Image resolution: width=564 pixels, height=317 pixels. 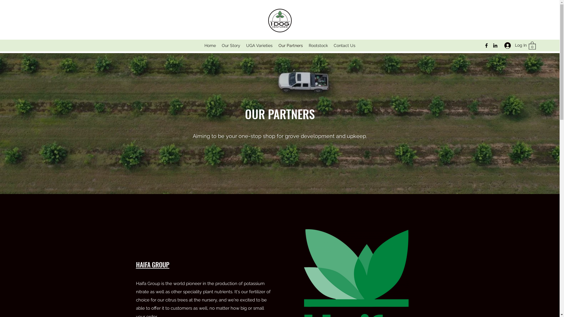 What do you see at coordinates (318, 45) in the screenshot?
I see `'Rootstock'` at bounding box center [318, 45].